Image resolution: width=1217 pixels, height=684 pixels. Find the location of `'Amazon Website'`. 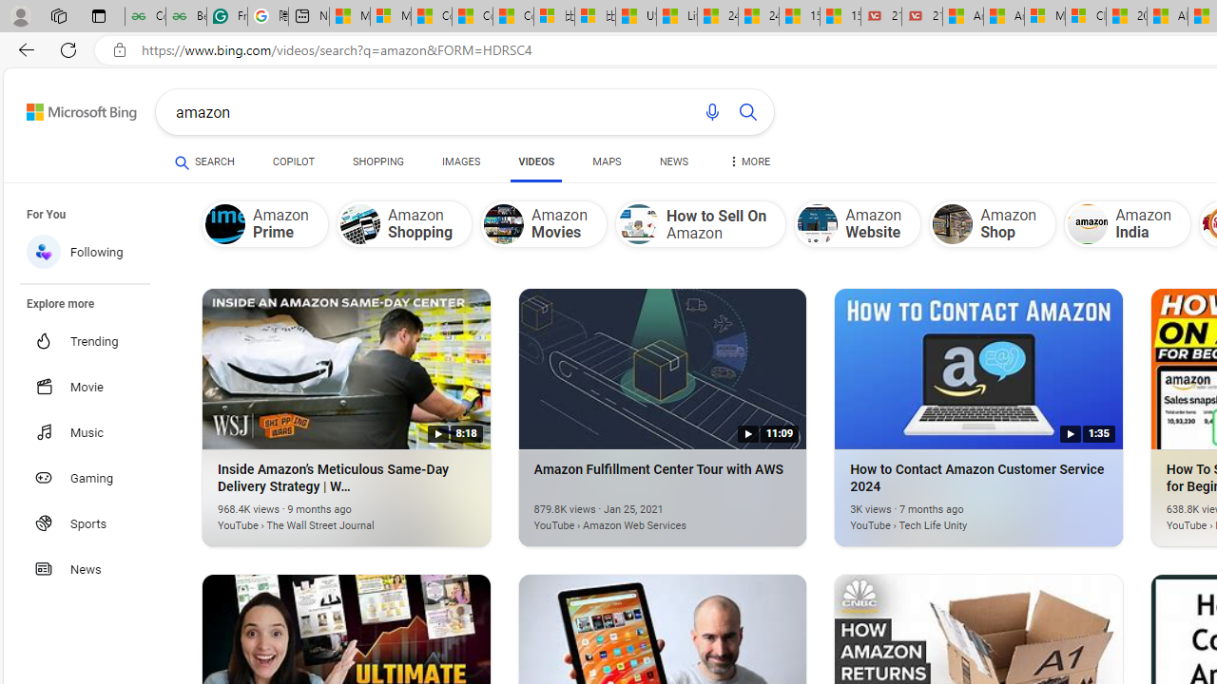

'Amazon Website' is located at coordinates (857, 222).